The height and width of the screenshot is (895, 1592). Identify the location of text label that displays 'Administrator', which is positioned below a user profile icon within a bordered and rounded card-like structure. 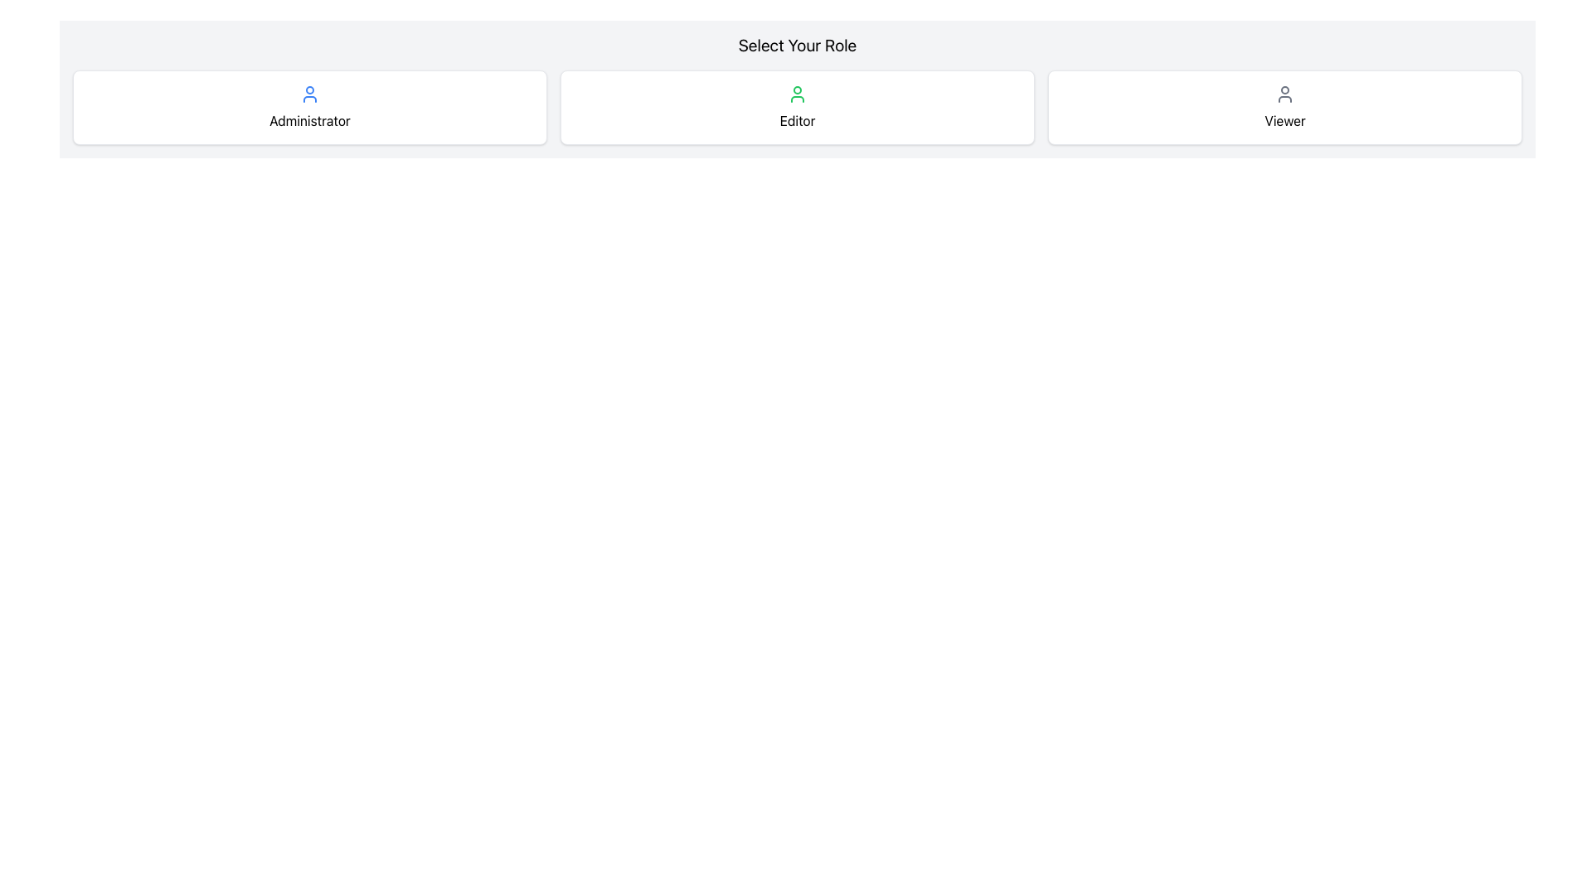
(310, 120).